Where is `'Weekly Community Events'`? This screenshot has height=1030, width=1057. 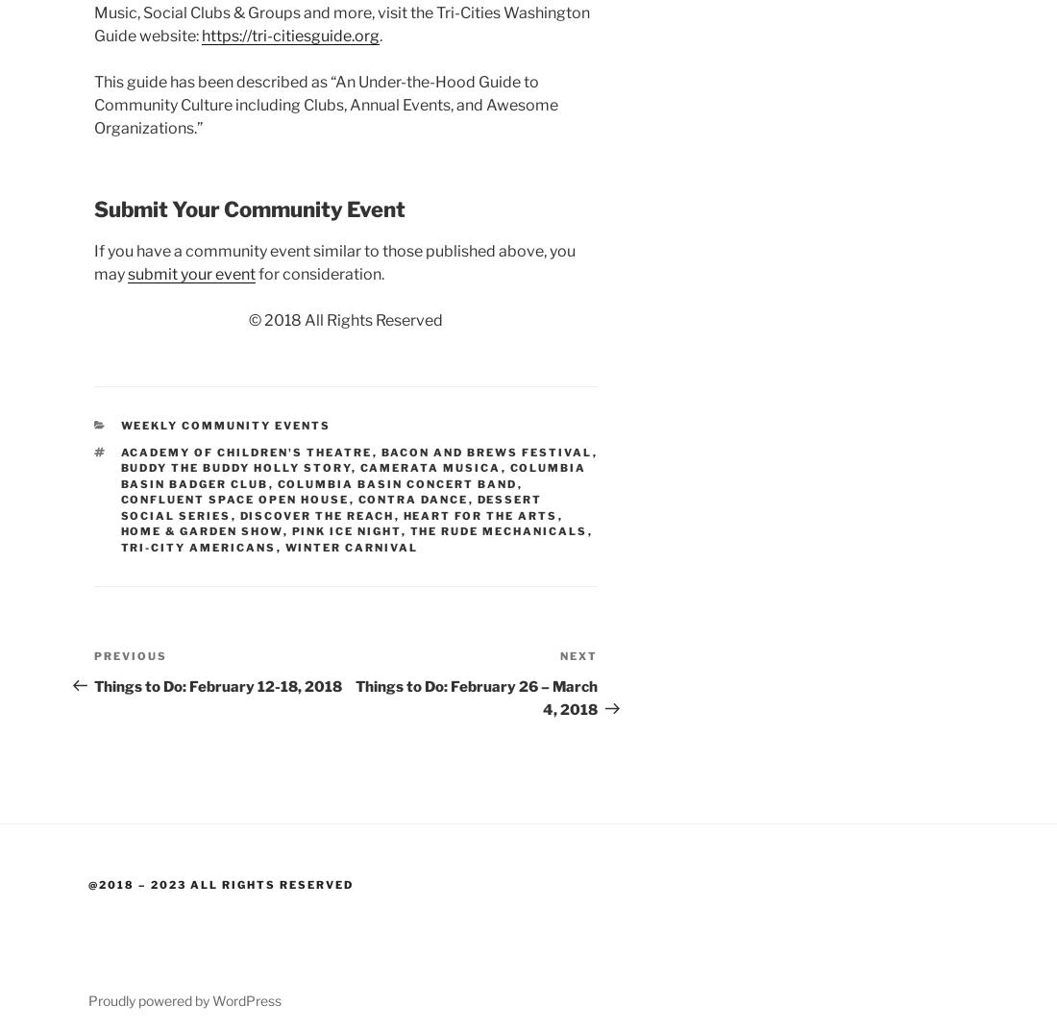 'Weekly Community Events' is located at coordinates (225, 424).